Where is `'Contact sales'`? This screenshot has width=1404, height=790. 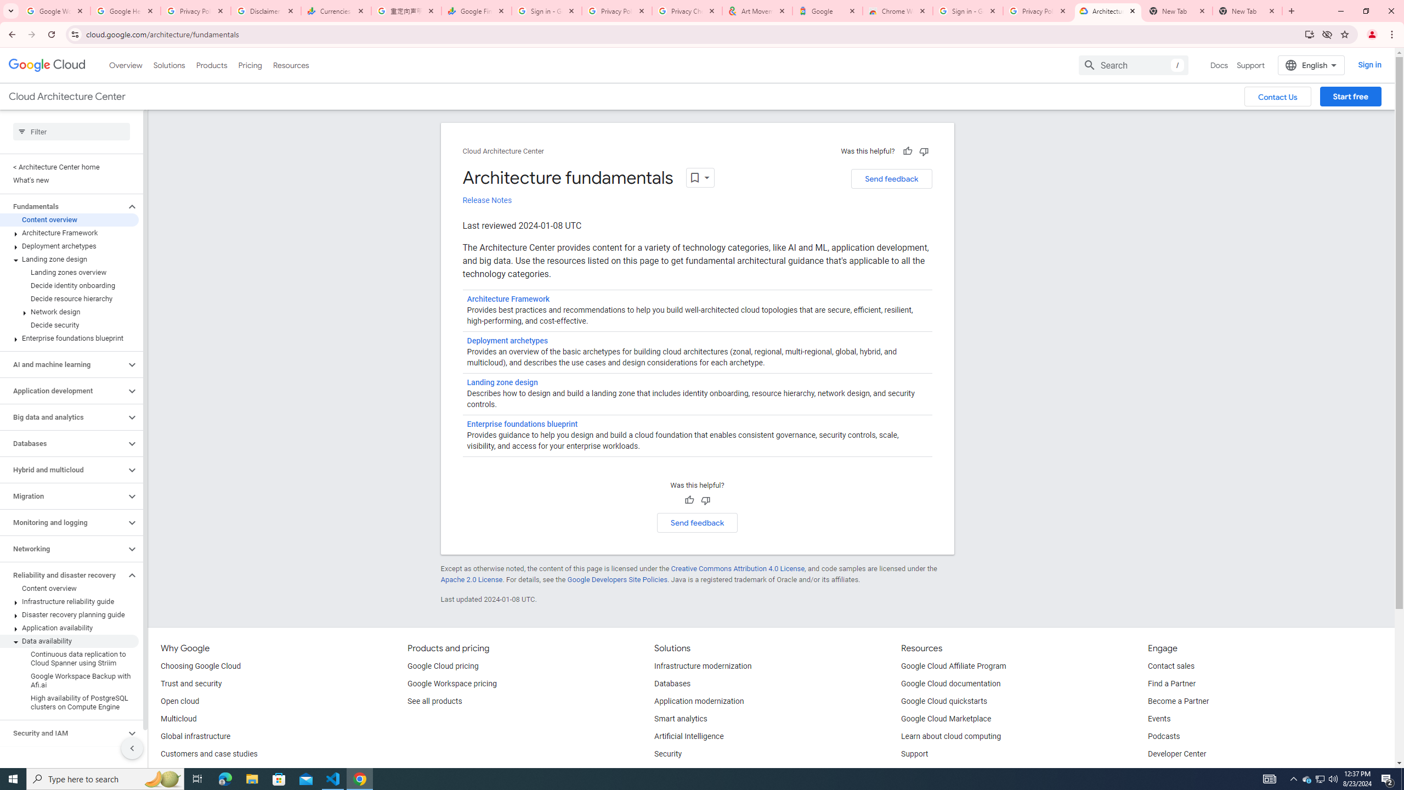
'Contact sales' is located at coordinates (1171, 666).